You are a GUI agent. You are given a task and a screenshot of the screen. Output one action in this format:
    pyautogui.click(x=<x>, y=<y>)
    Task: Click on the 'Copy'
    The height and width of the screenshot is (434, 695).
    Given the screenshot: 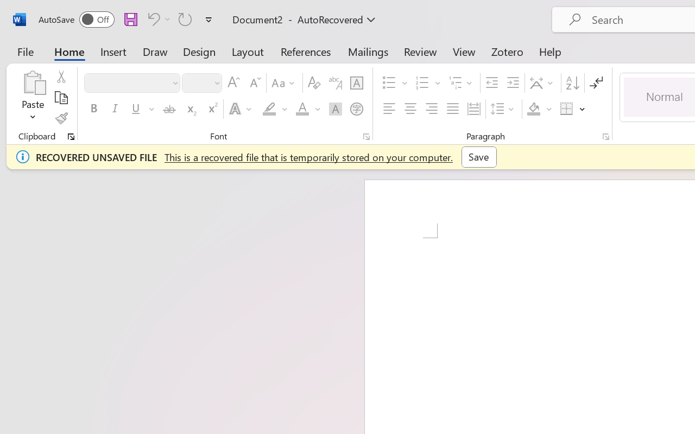 What is the action you would take?
    pyautogui.click(x=60, y=97)
    